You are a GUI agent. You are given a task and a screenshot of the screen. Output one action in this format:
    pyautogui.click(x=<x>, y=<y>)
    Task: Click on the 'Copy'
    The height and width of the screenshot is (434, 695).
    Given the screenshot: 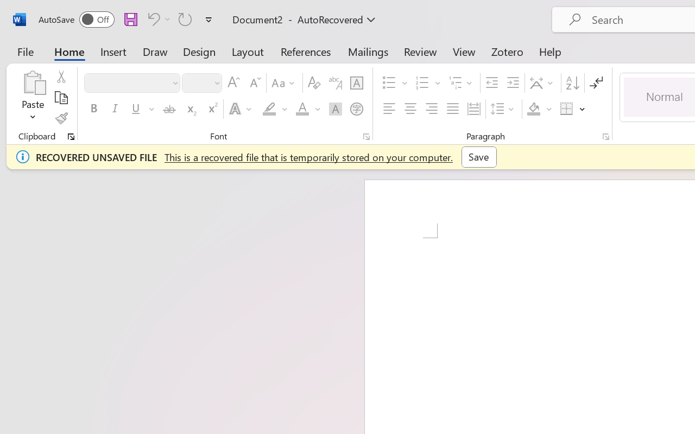 What is the action you would take?
    pyautogui.click(x=60, y=97)
    